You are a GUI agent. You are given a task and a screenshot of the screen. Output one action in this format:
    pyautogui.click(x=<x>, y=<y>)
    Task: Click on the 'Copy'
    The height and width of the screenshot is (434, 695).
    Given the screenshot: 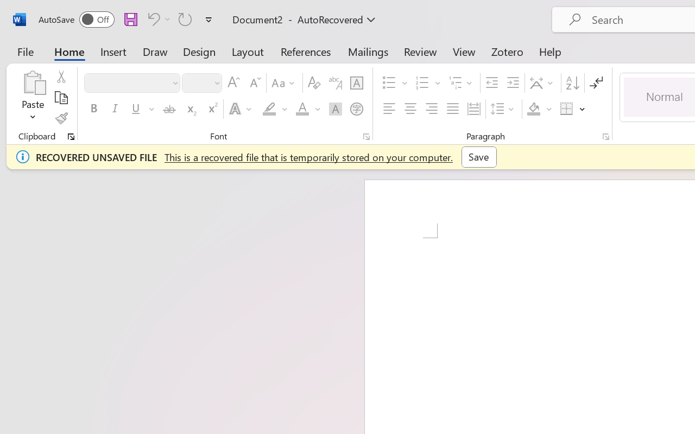 What is the action you would take?
    pyautogui.click(x=60, y=97)
    